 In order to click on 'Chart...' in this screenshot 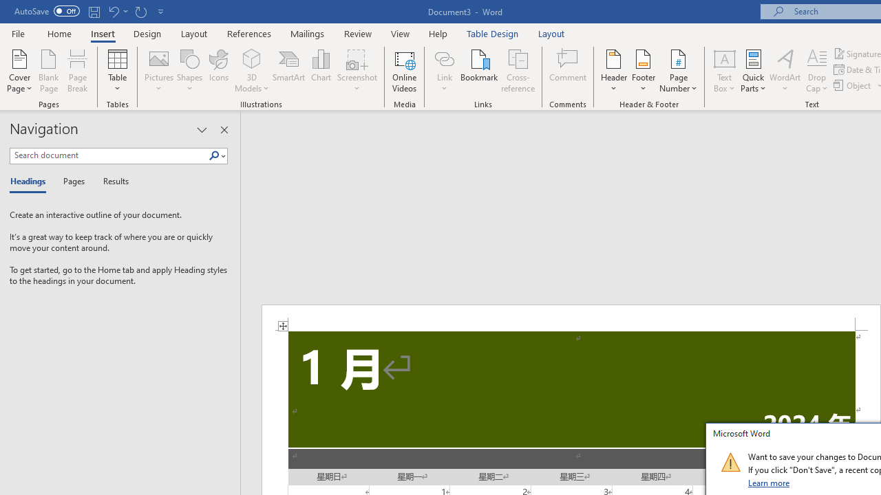, I will do `click(320, 71)`.